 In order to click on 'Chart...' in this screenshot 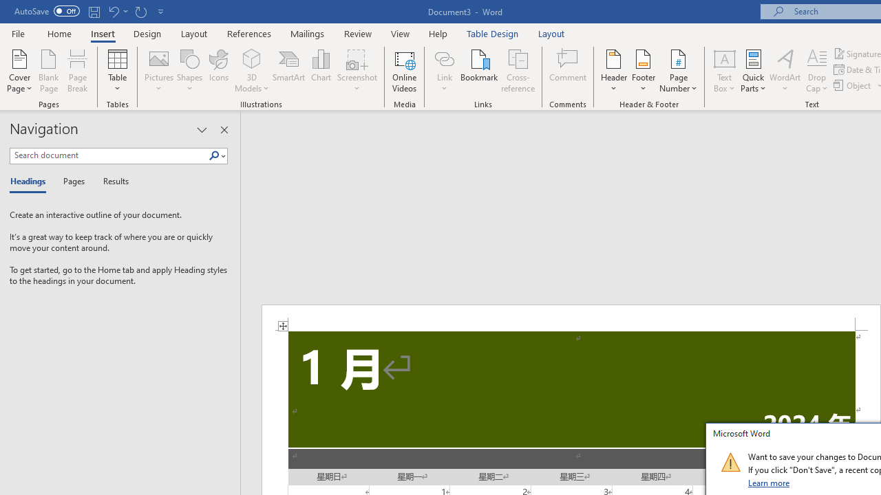, I will do `click(320, 71)`.